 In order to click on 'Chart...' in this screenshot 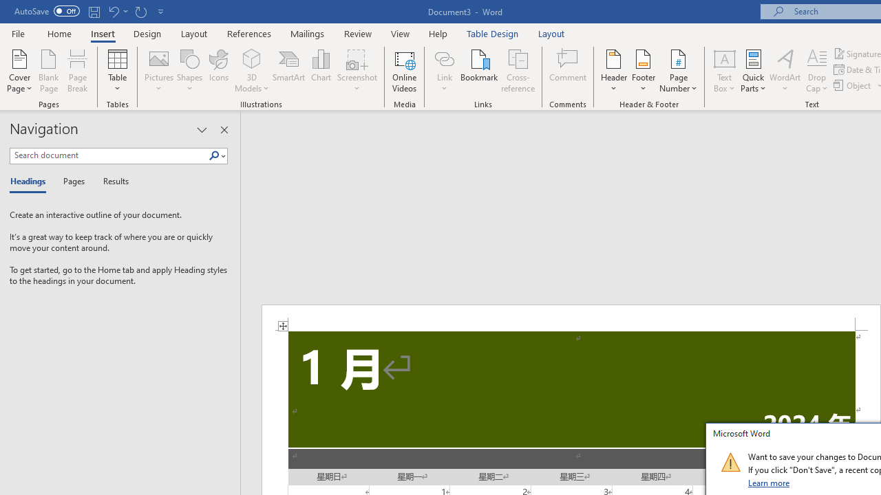, I will do `click(320, 71)`.